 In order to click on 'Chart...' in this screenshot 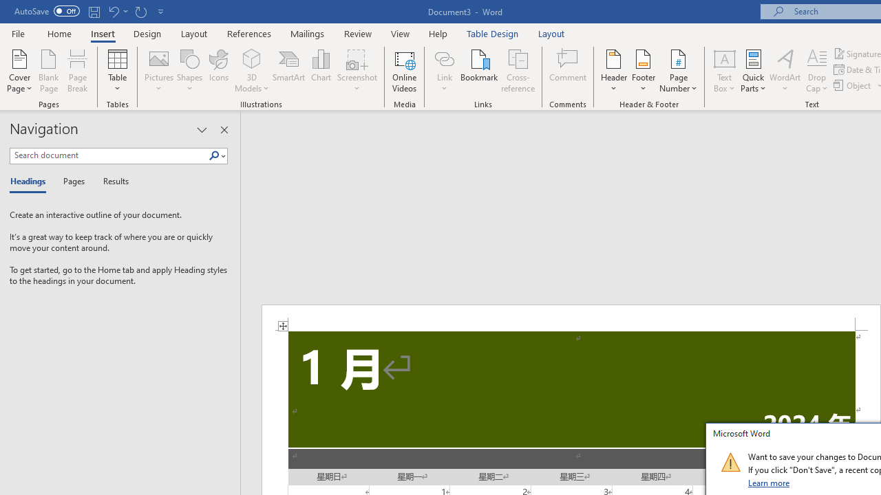, I will do `click(320, 71)`.